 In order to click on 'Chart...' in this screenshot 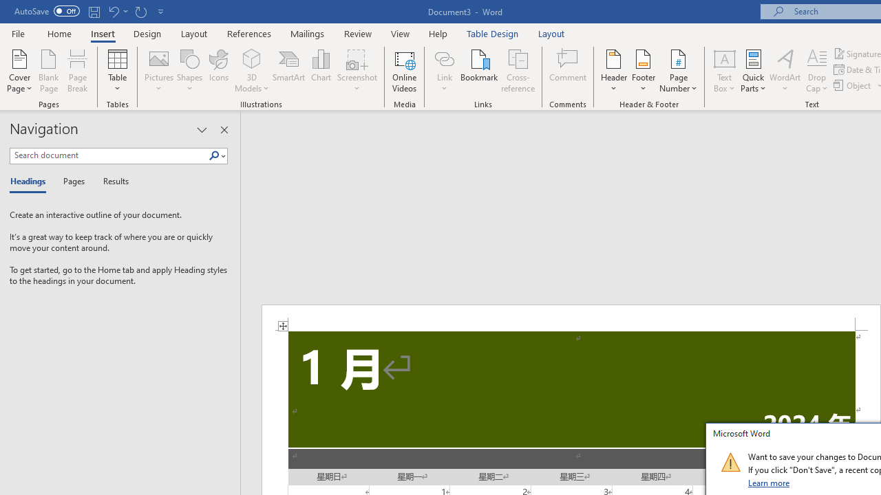, I will do `click(320, 71)`.